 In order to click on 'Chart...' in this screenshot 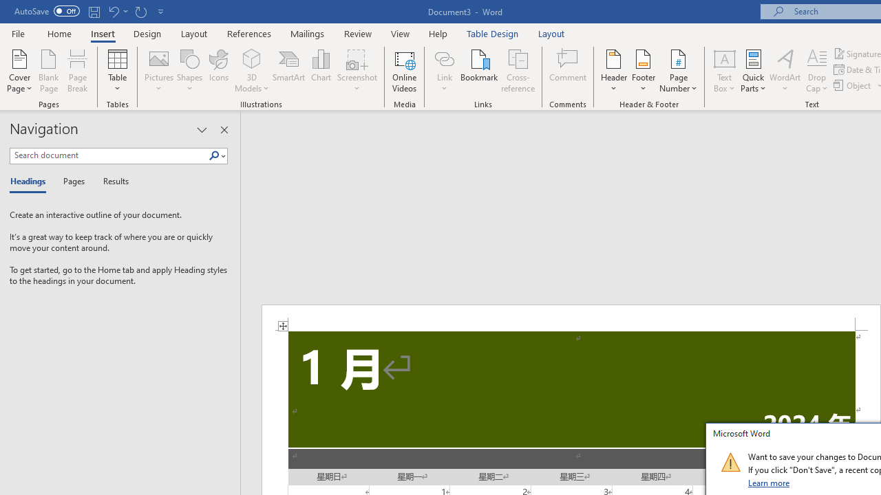, I will do `click(320, 71)`.